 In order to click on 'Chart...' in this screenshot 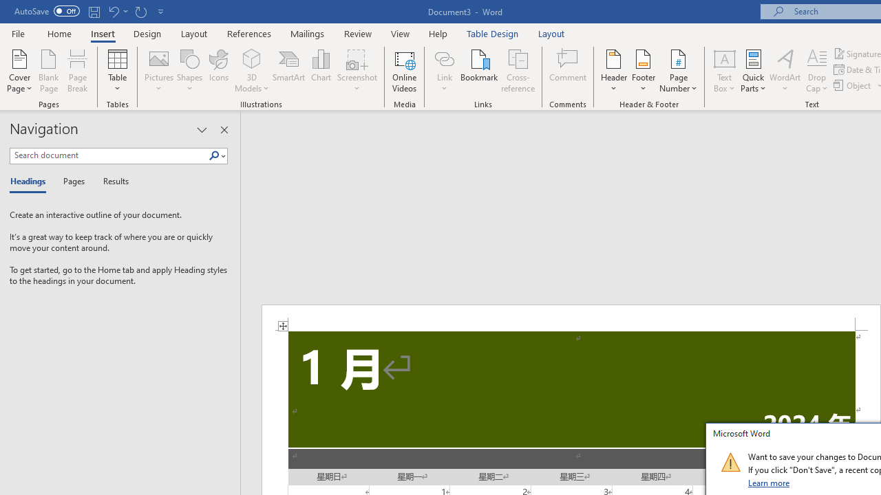, I will do `click(320, 71)`.